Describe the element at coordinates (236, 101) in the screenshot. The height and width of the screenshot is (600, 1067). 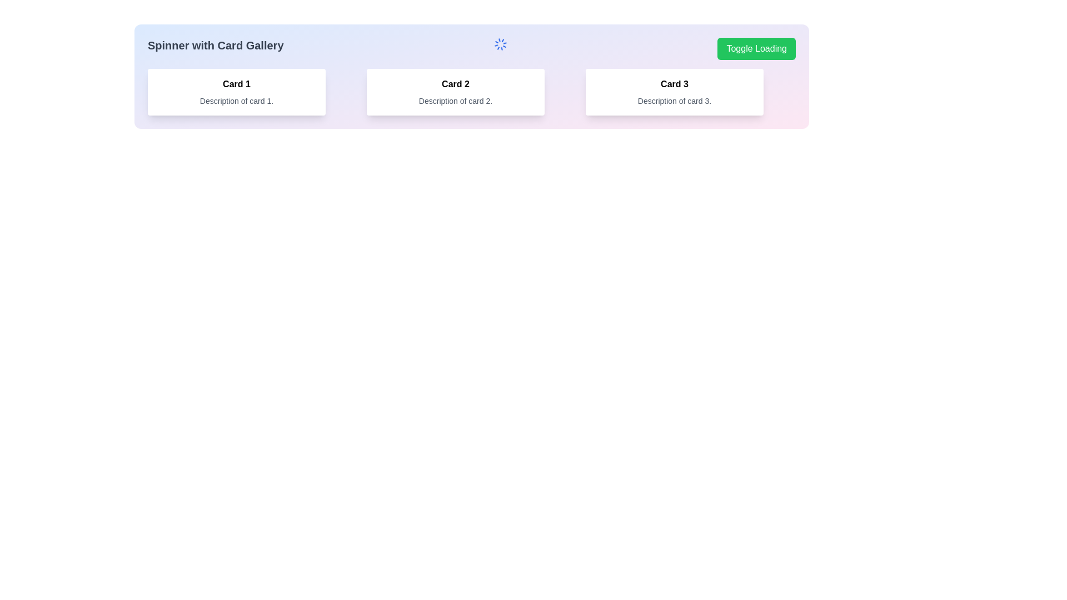
I see `the Text label situated at the bottom of 'Card 1'` at that location.